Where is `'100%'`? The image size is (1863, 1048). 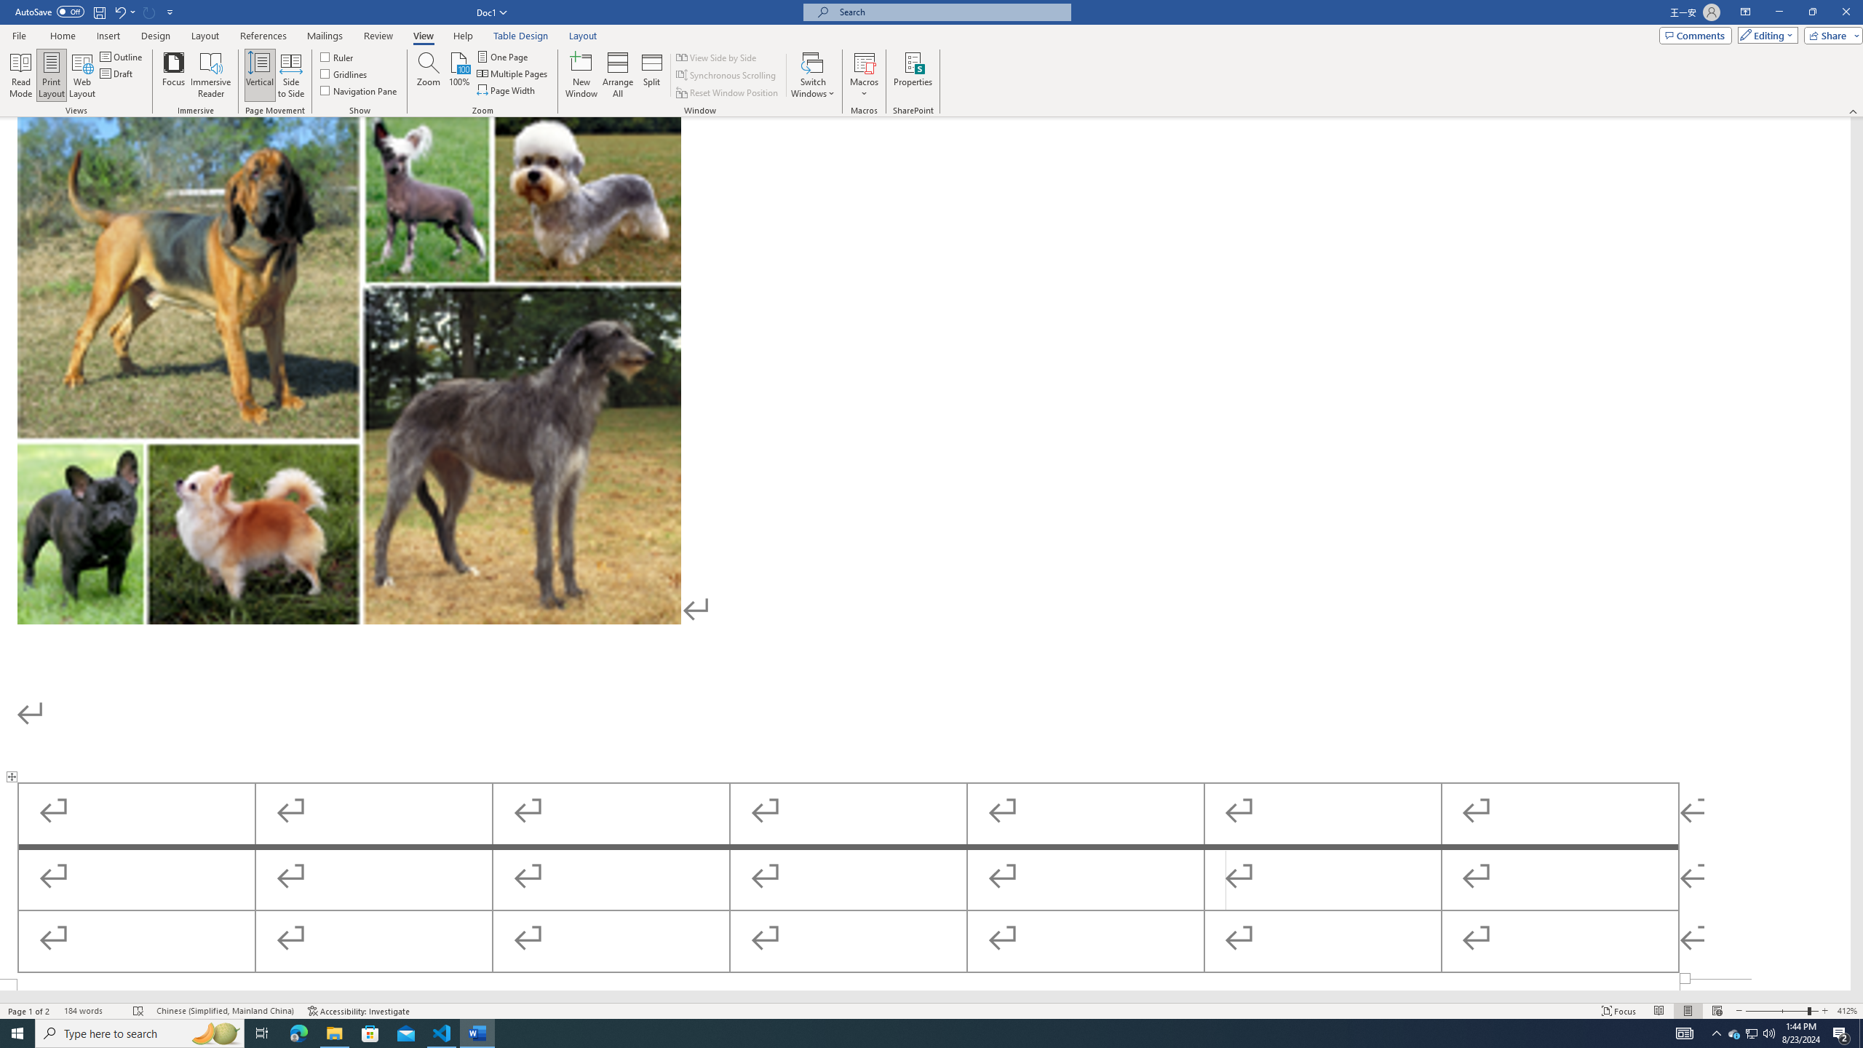
'100%' is located at coordinates (459, 75).